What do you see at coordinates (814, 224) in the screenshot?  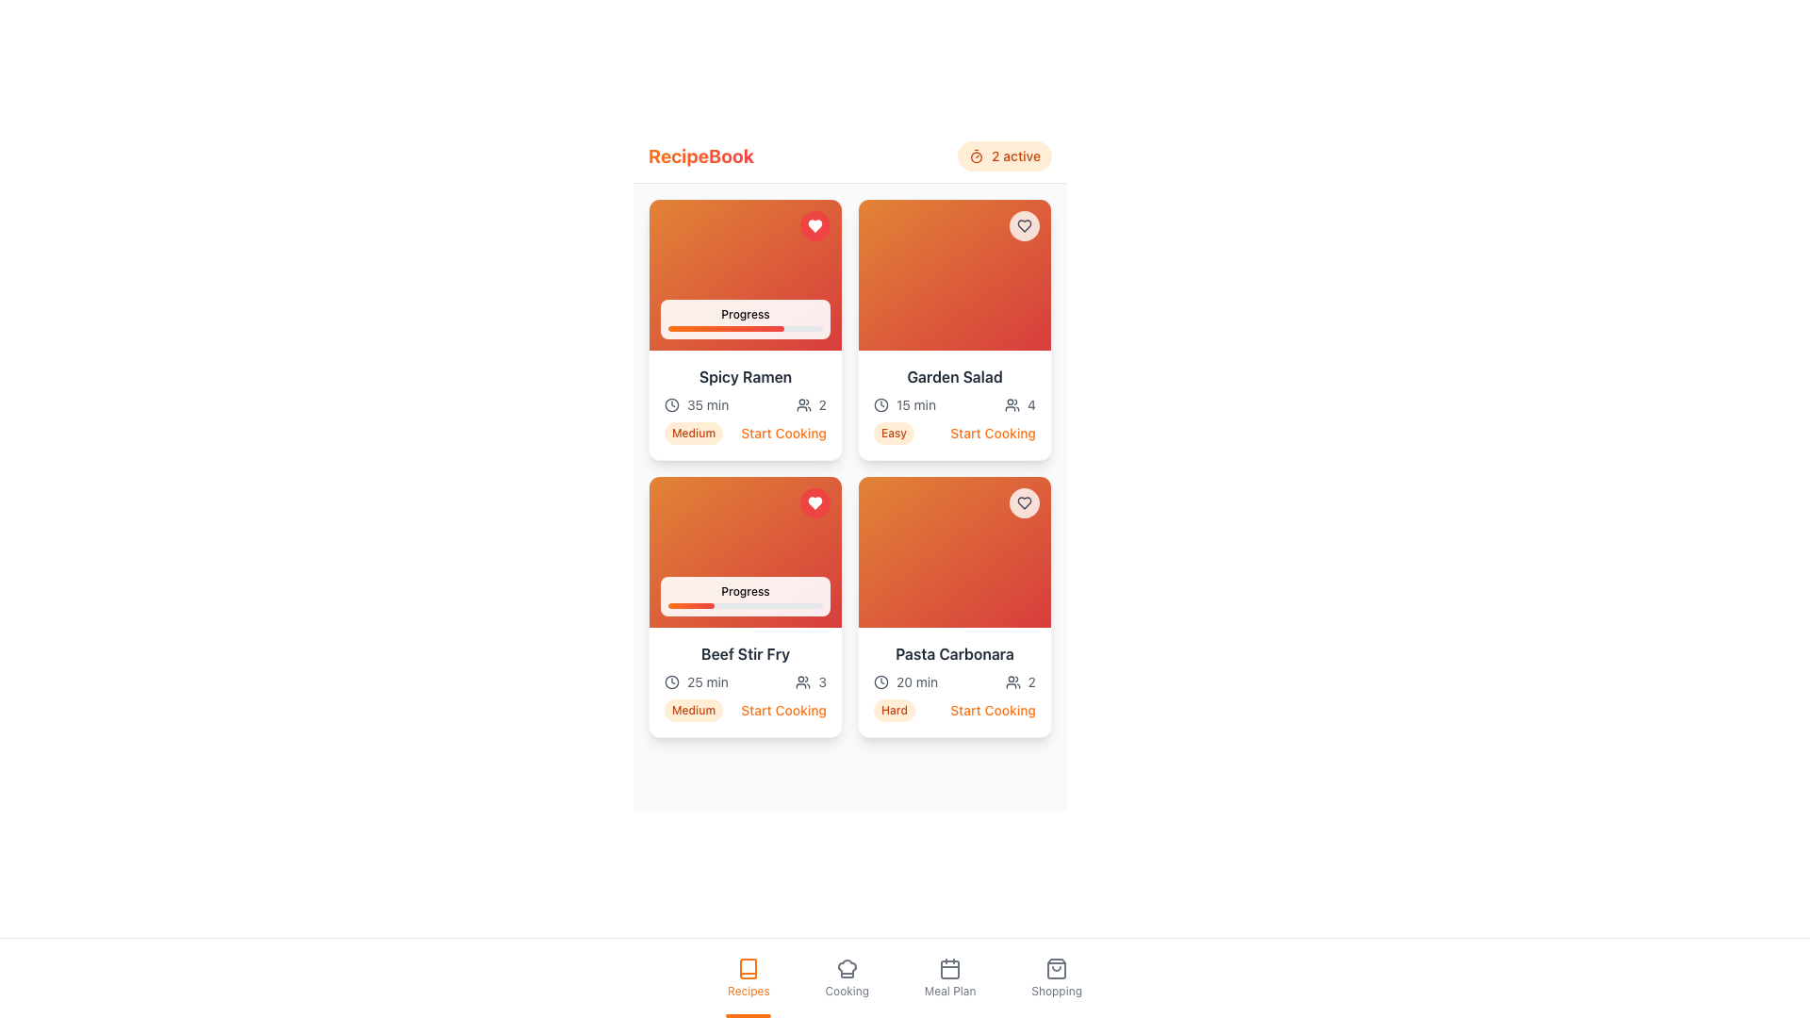 I see `the heart icon in the top-right corner of the 'Spicy Ramen' card` at bounding box center [814, 224].